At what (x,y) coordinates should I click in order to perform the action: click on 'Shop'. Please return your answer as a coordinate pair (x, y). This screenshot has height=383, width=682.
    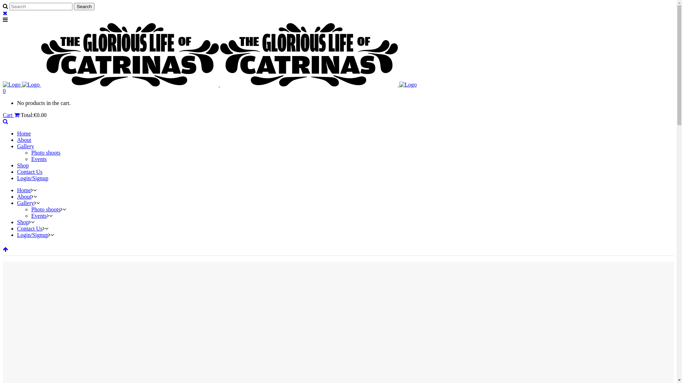
    Looking at the image, I should click on (23, 222).